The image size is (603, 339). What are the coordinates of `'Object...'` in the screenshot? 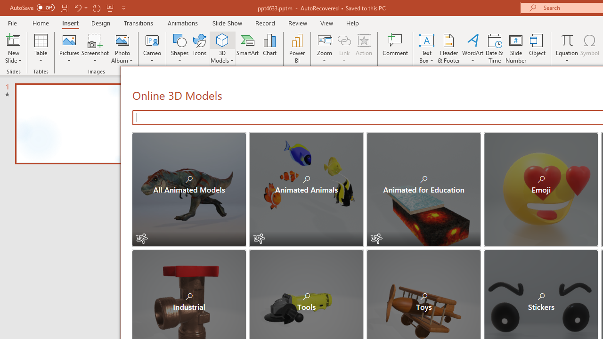 It's located at (538, 48).